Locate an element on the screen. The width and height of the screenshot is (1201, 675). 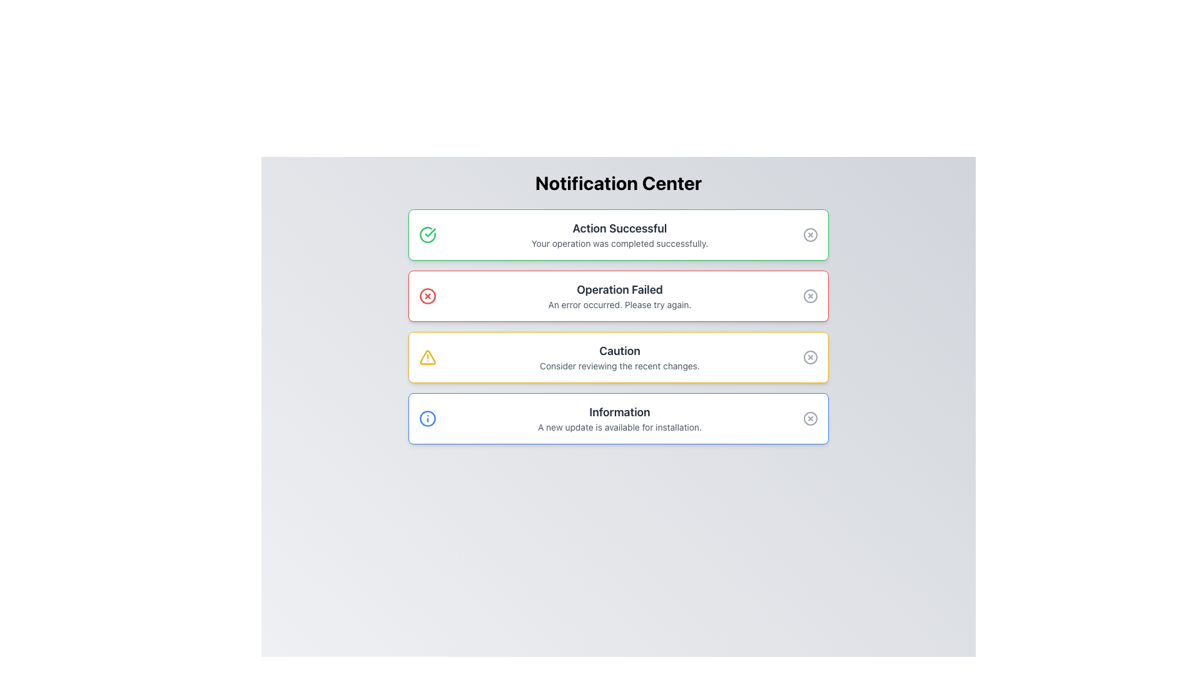
static text element conveying information about the availability of a software update located in the 'Information' box of the notification center is located at coordinates (619, 426).